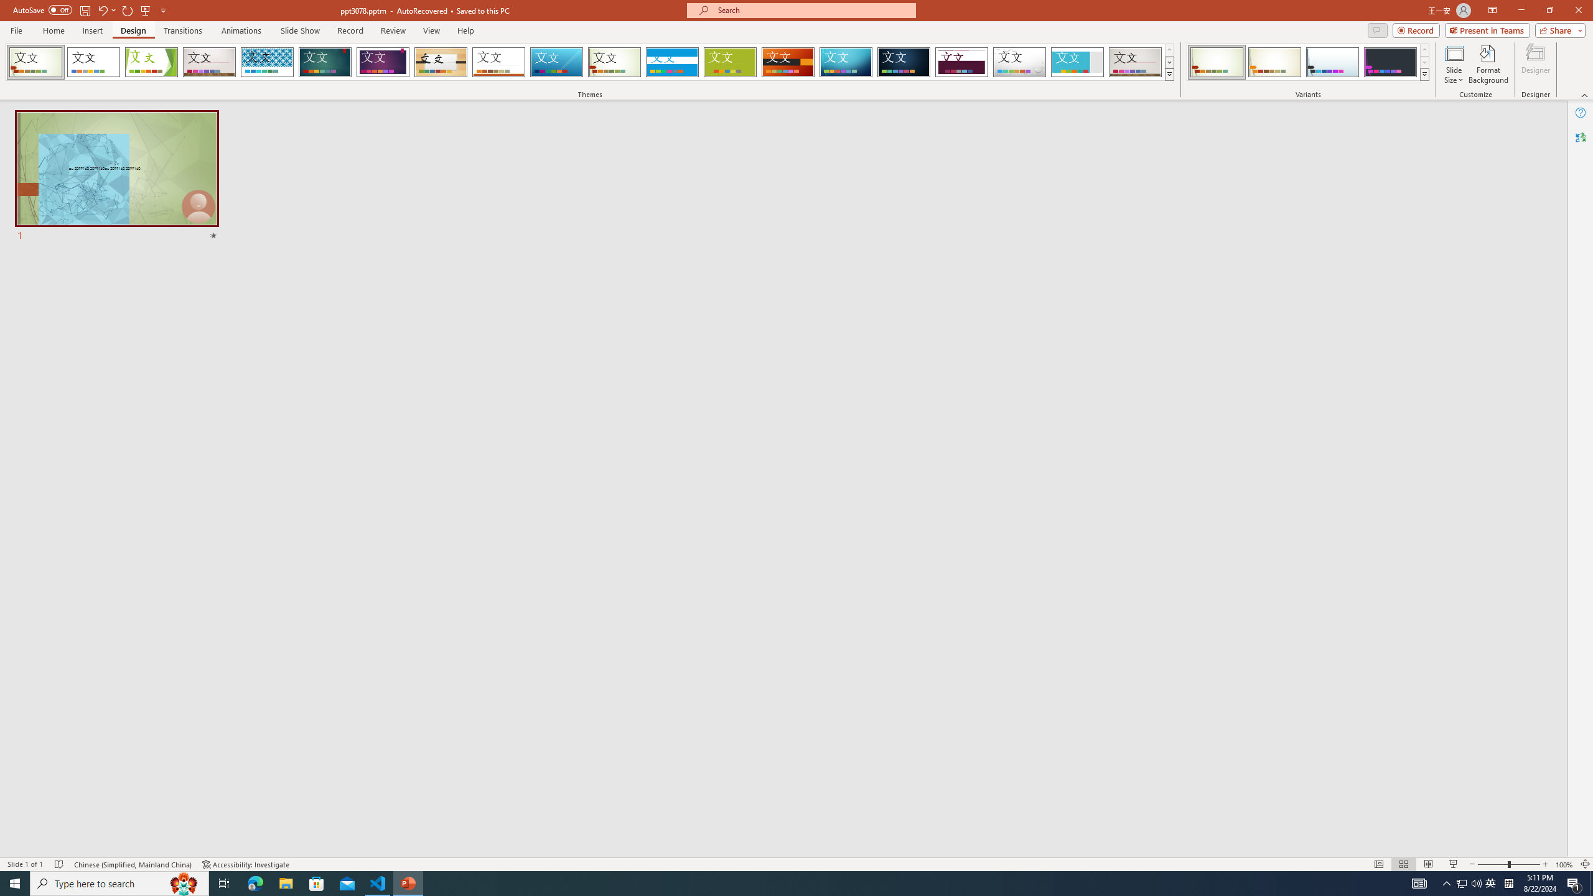 Image resolution: width=1593 pixels, height=896 pixels. What do you see at coordinates (59, 864) in the screenshot?
I see `'Spell Check No Errors'` at bounding box center [59, 864].